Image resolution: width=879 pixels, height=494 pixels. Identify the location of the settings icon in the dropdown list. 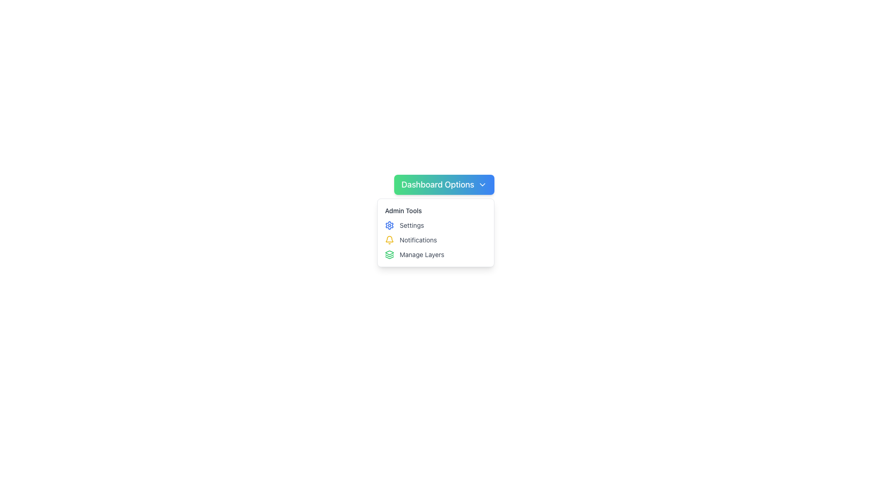
(389, 226).